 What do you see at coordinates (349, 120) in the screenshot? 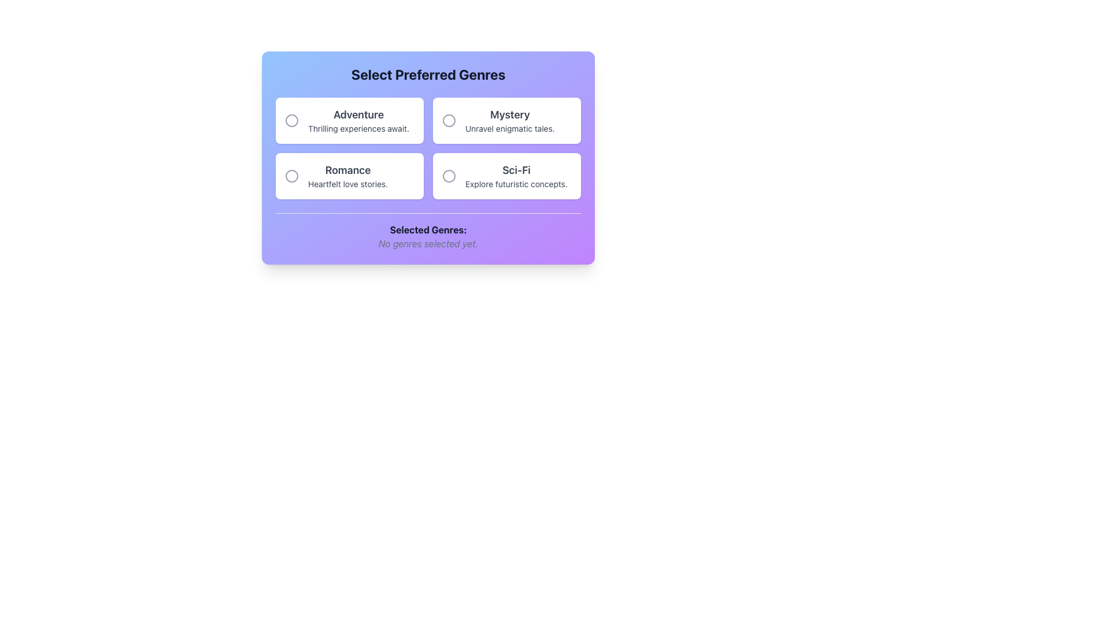
I see `the 'Adventure' selectable card located in the top-left corner of the grid layout` at bounding box center [349, 120].